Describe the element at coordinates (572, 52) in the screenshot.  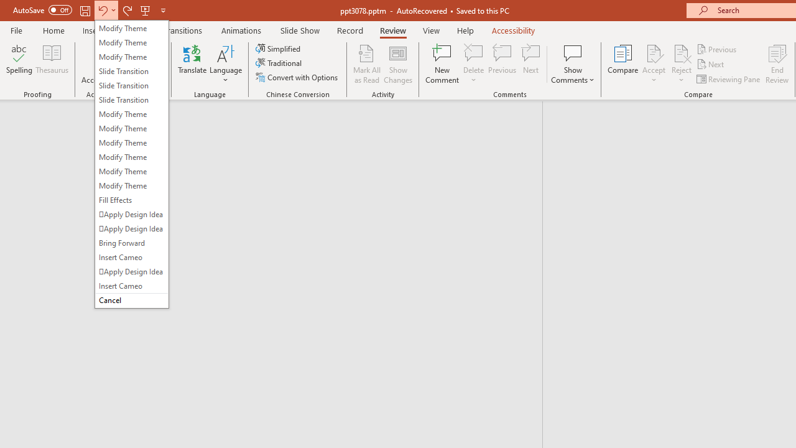
I see `'Show Comments'` at that location.